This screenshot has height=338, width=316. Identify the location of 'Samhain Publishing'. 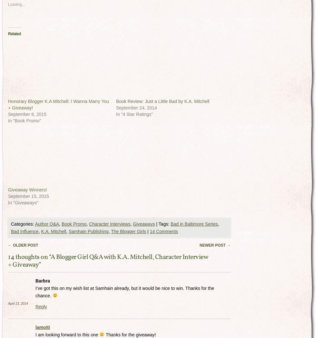
(88, 231).